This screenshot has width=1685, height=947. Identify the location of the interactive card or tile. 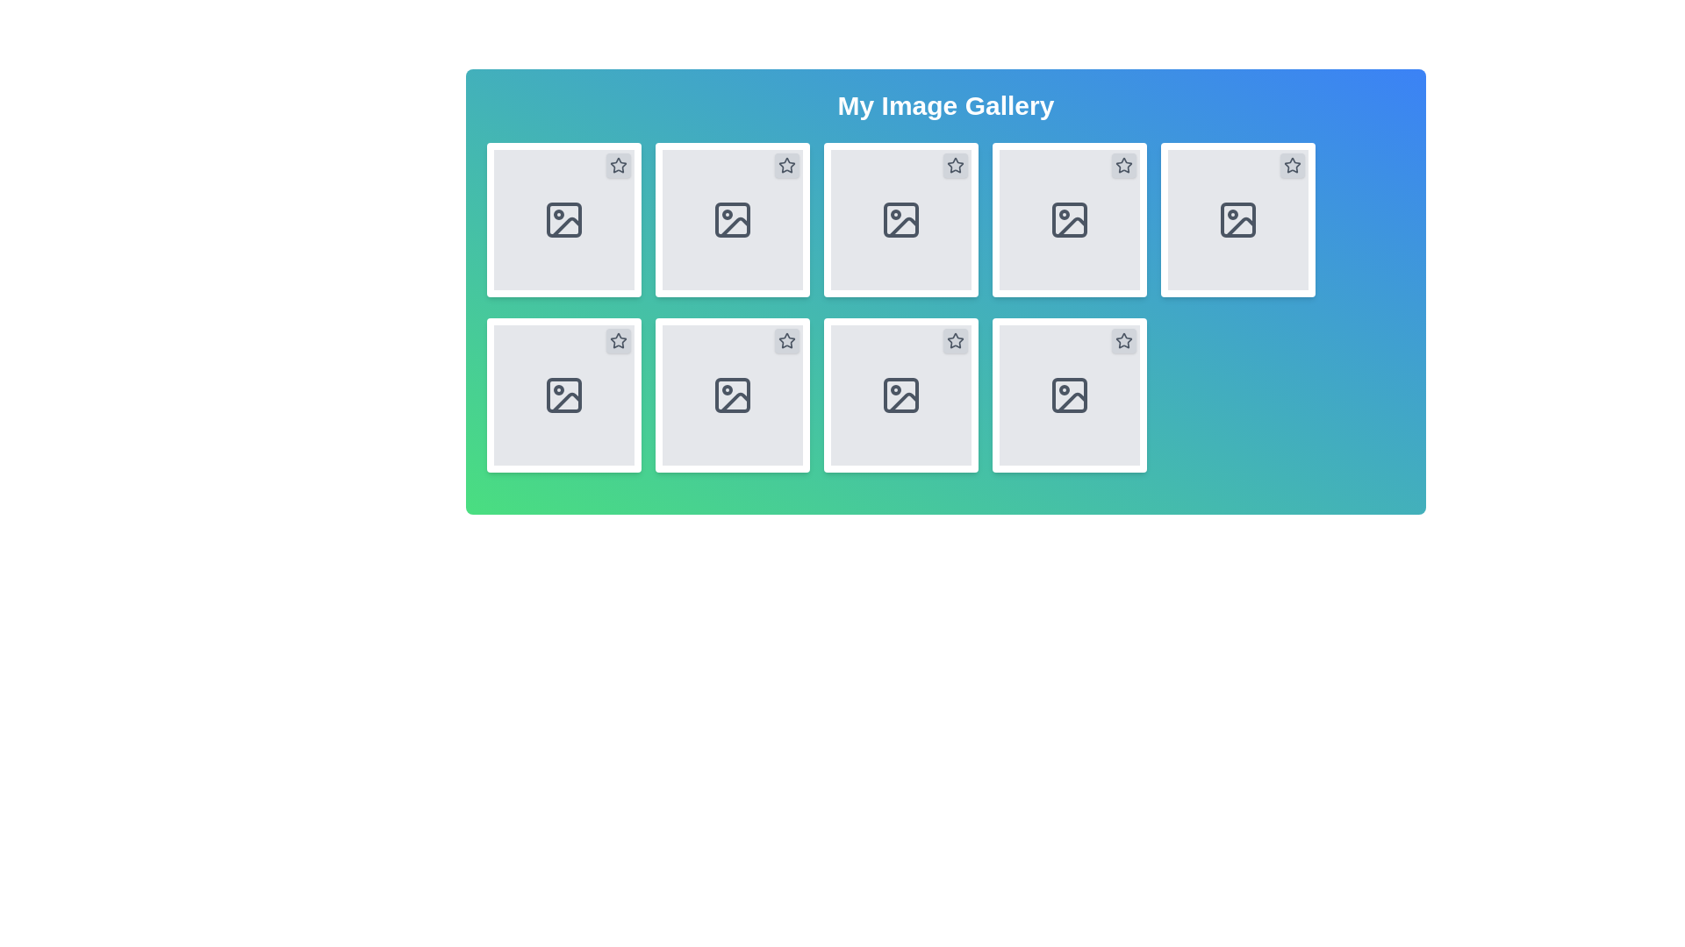
(564, 218).